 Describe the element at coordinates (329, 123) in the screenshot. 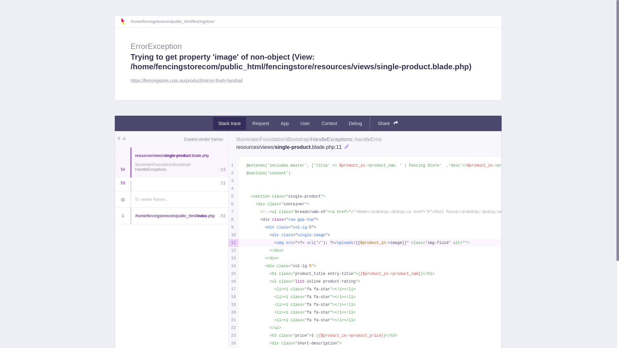

I see `'Context'` at that location.